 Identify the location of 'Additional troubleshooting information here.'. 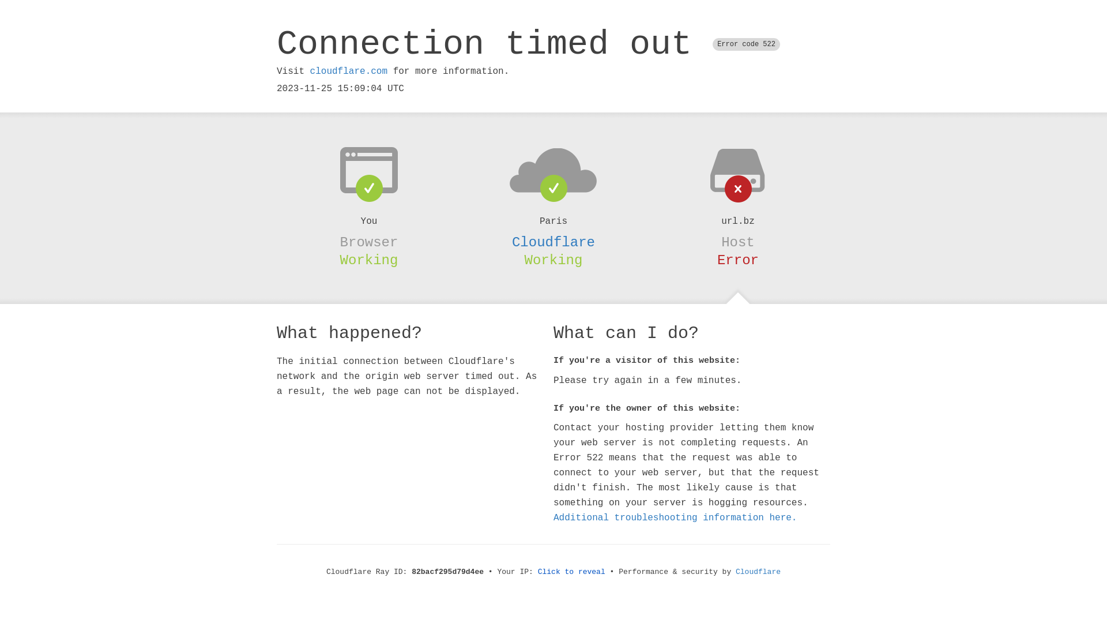
(675, 517).